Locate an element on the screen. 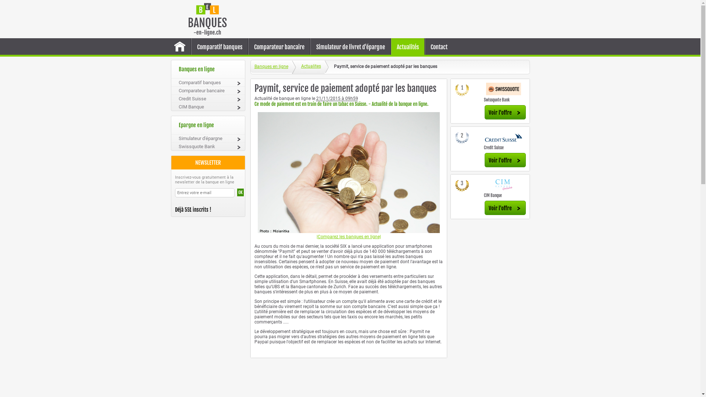 The width and height of the screenshot is (706, 397). 'Accueil banque en ligne' is located at coordinates (179, 47).